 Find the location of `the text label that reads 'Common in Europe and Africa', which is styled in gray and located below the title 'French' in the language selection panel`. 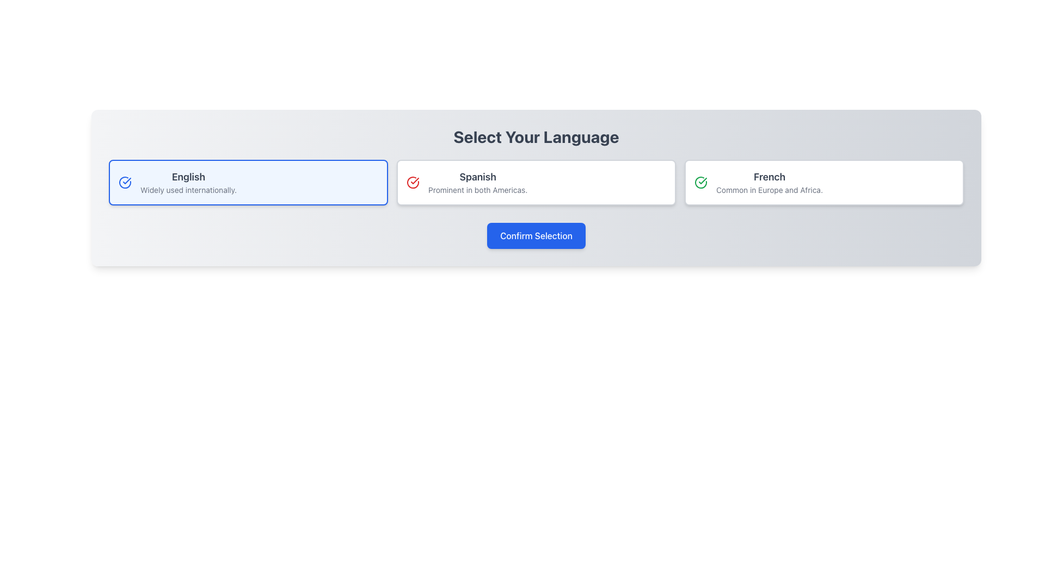

the text label that reads 'Common in Europe and Africa', which is styled in gray and located below the title 'French' in the language selection panel is located at coordinates (769, 190).